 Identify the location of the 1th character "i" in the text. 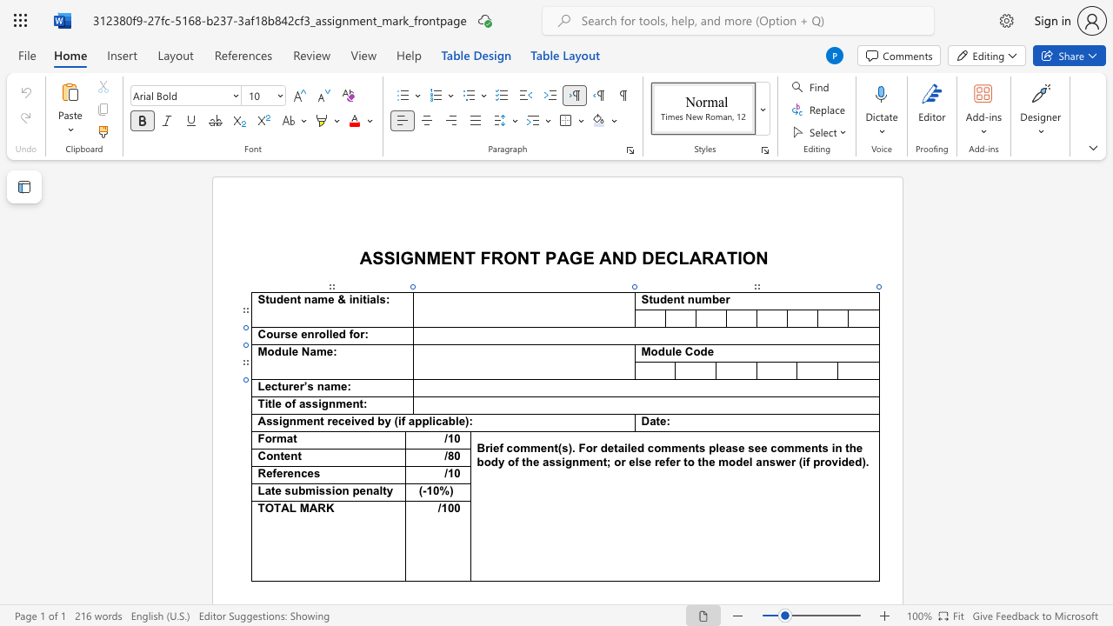
(490, 447).